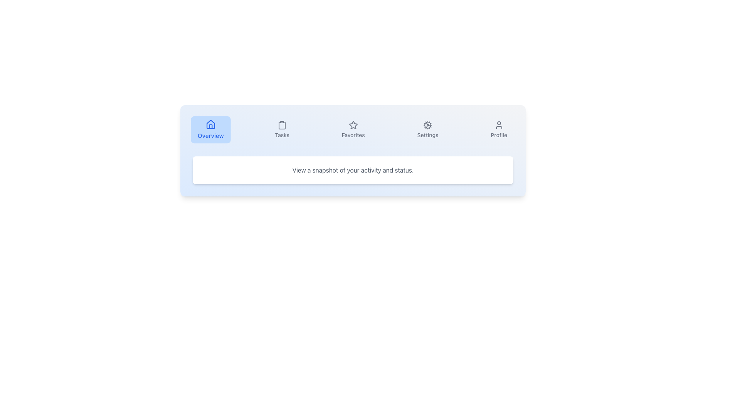  Describe the element at coordinates (427, 124) in the screenshot. I see `the settings icon located in the middle of the 'Settings' button in the horizontal menu bar` at that location.